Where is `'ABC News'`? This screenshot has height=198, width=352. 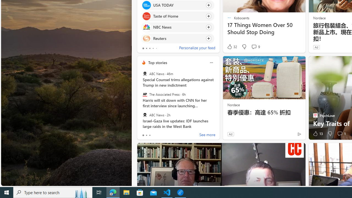 'ABC News' is located at coordinates (145, 114).